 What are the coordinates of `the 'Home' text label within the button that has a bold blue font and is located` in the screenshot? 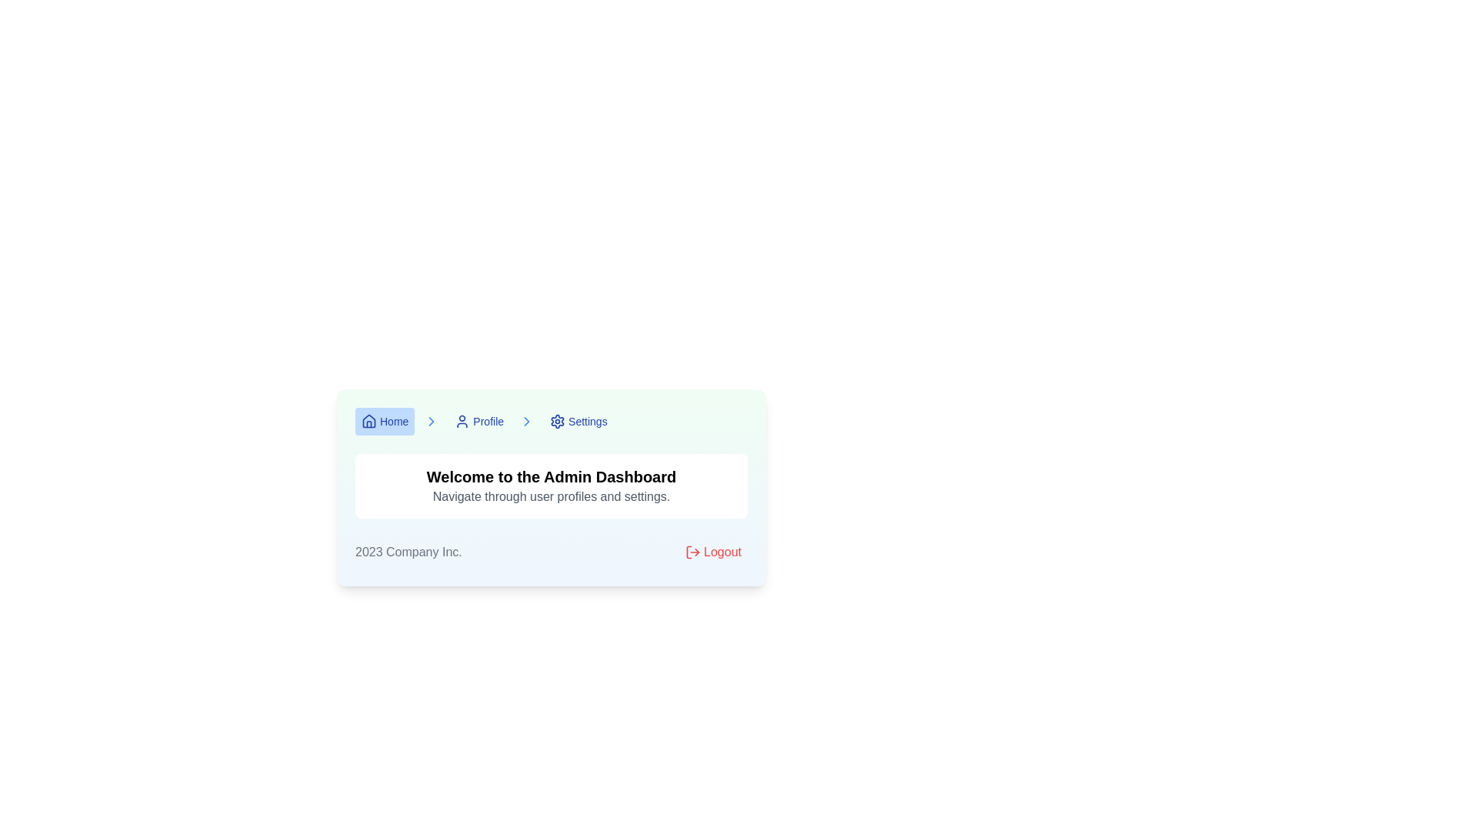 It's located at (394, 421).